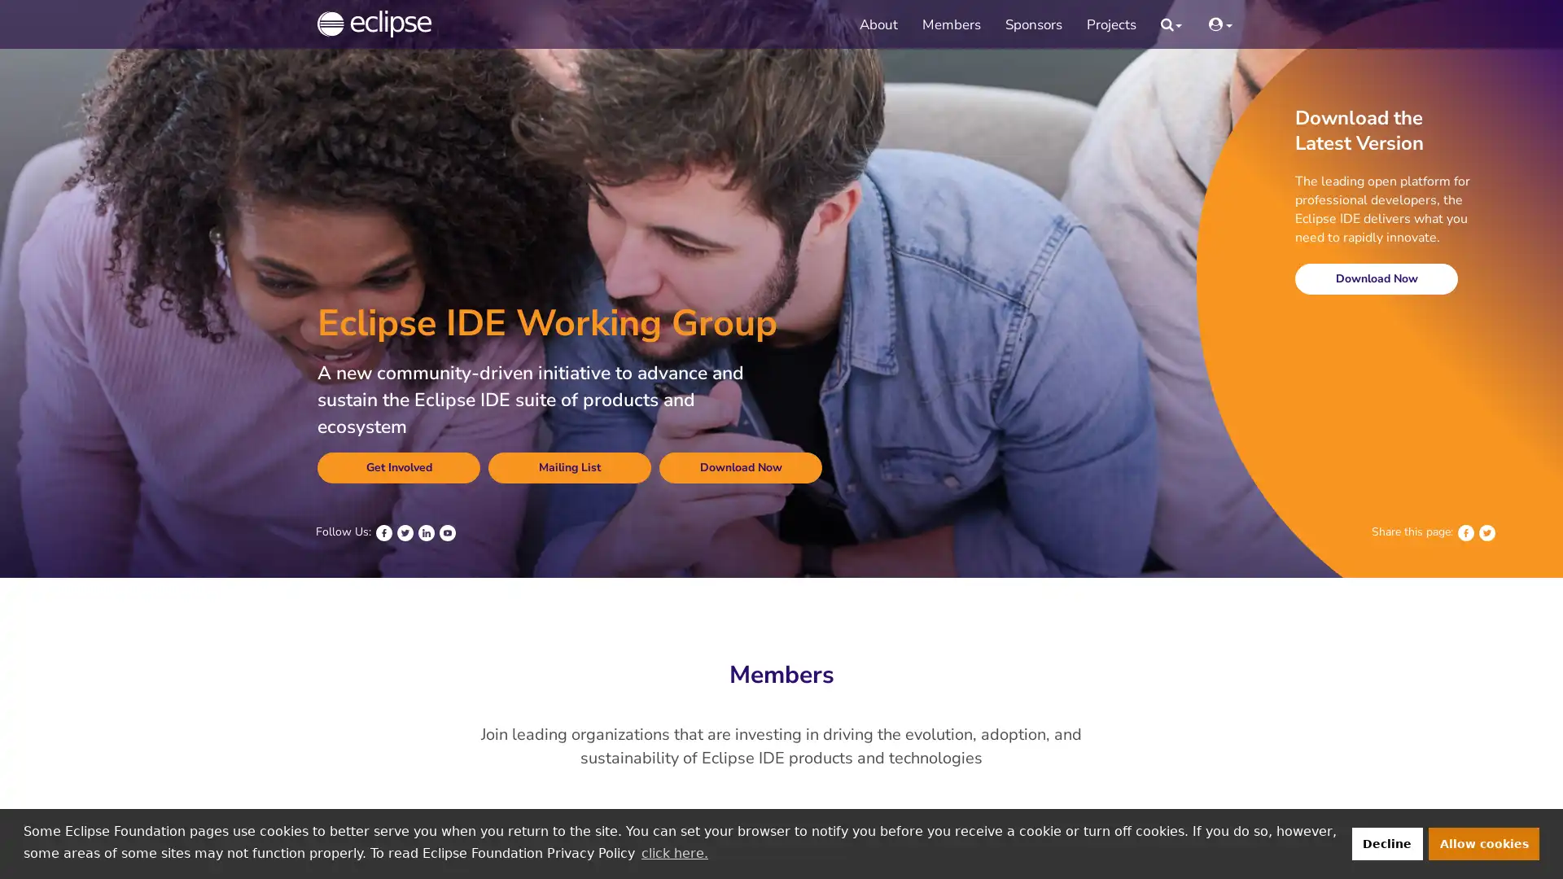  What do you see at coordinates (1484, 842) in the screenshot?
I see `allow cookies` at bounding box center [1484, 842].